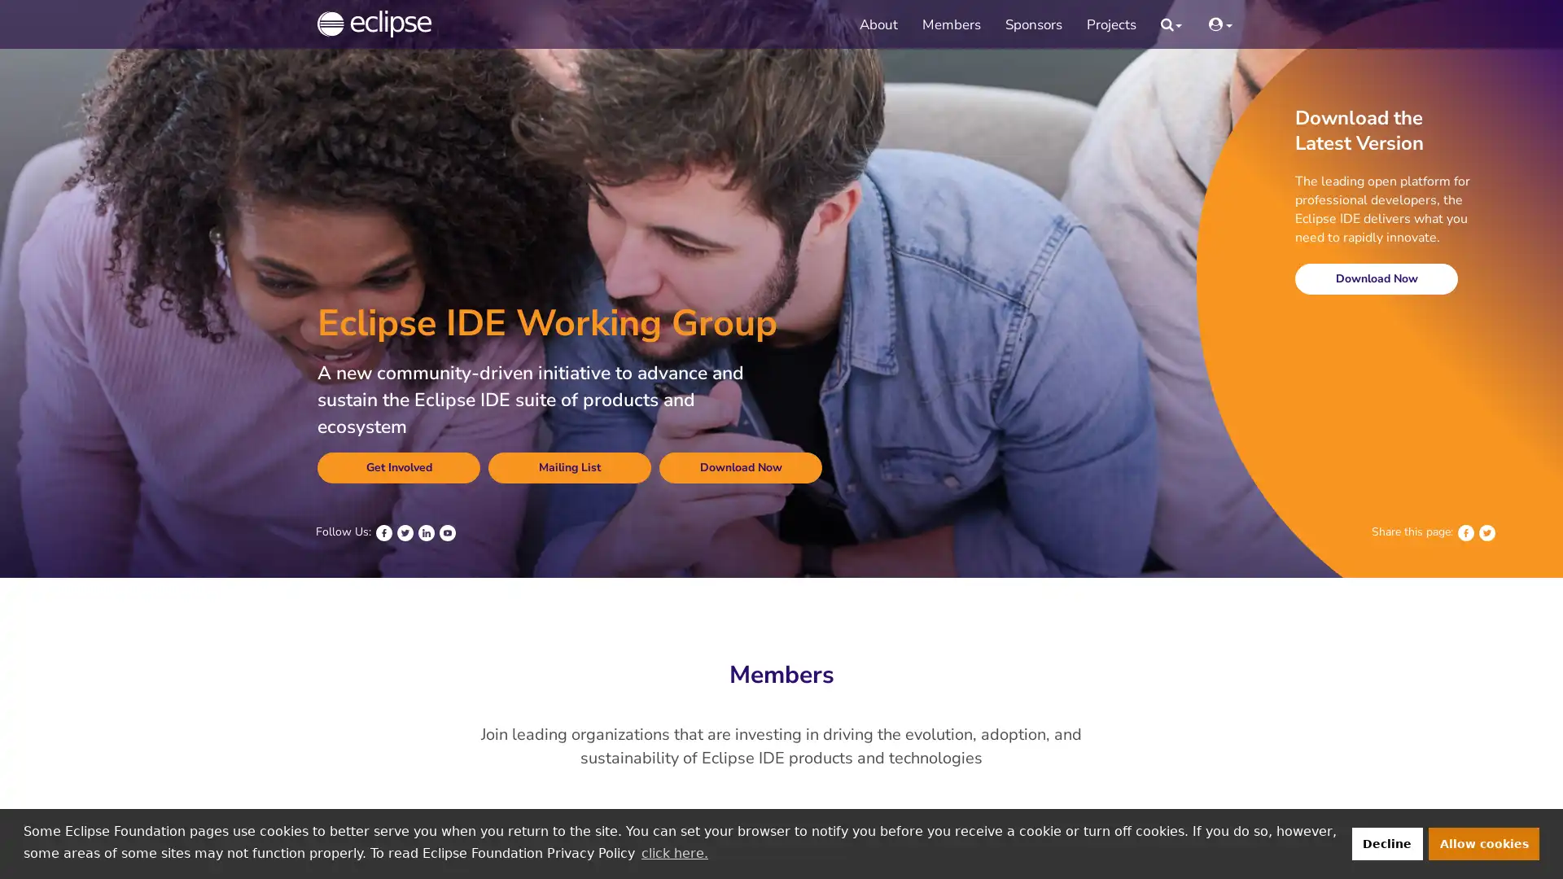  What do you see at coordinates (1484, 842) in the screenshot?
I see `allow cookies` at bounding box center [1484, 842].